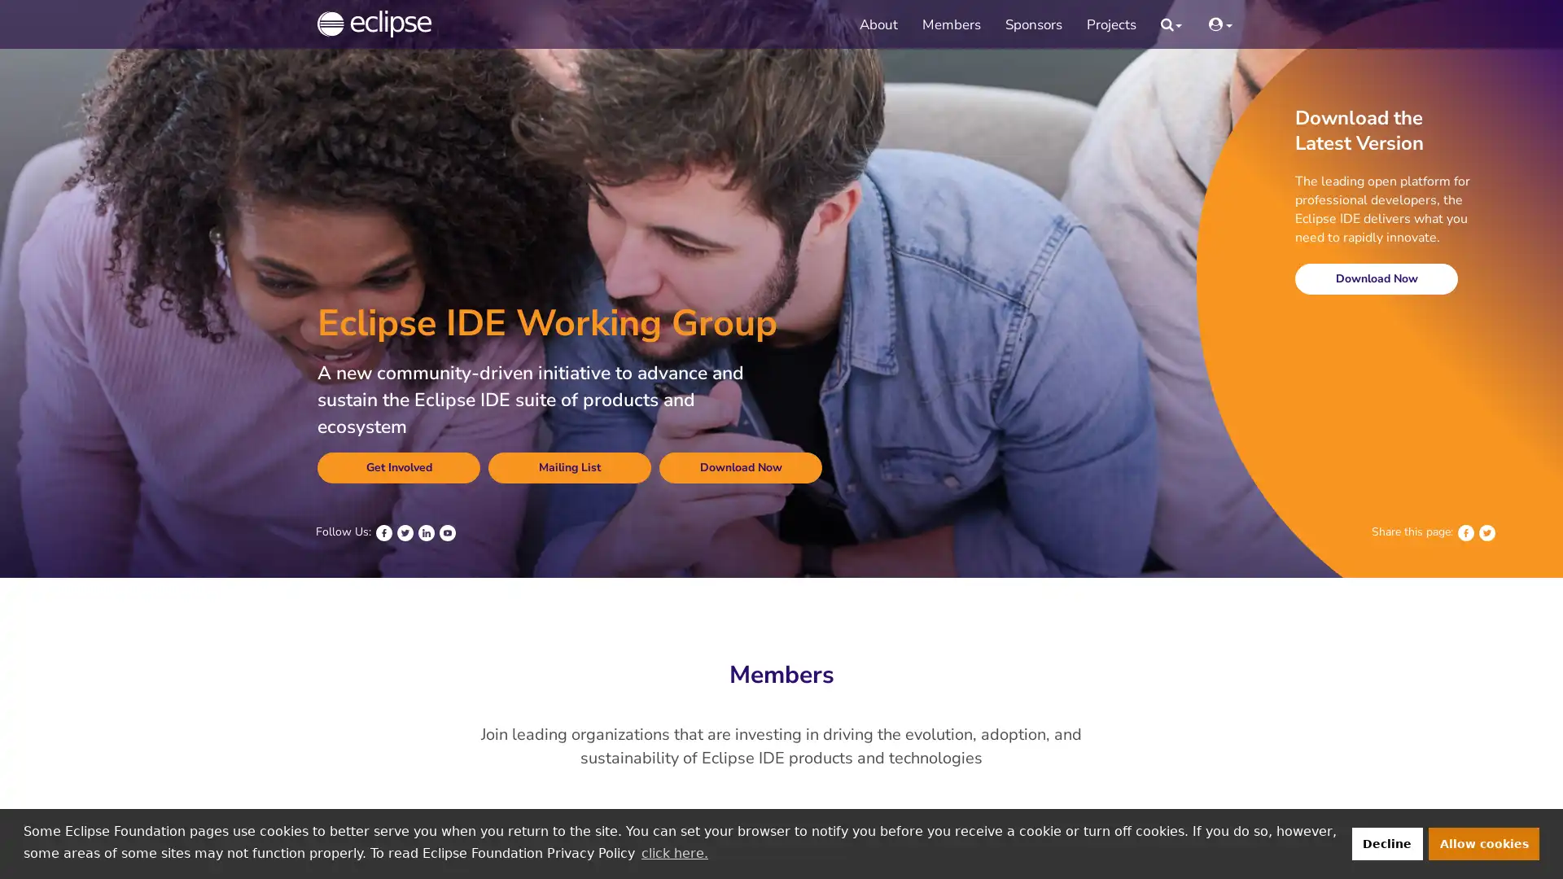  What do you see at coordinates (1484, 842) in the screenshot?
I see `allow cookies` at bounding box center [1484, 842].